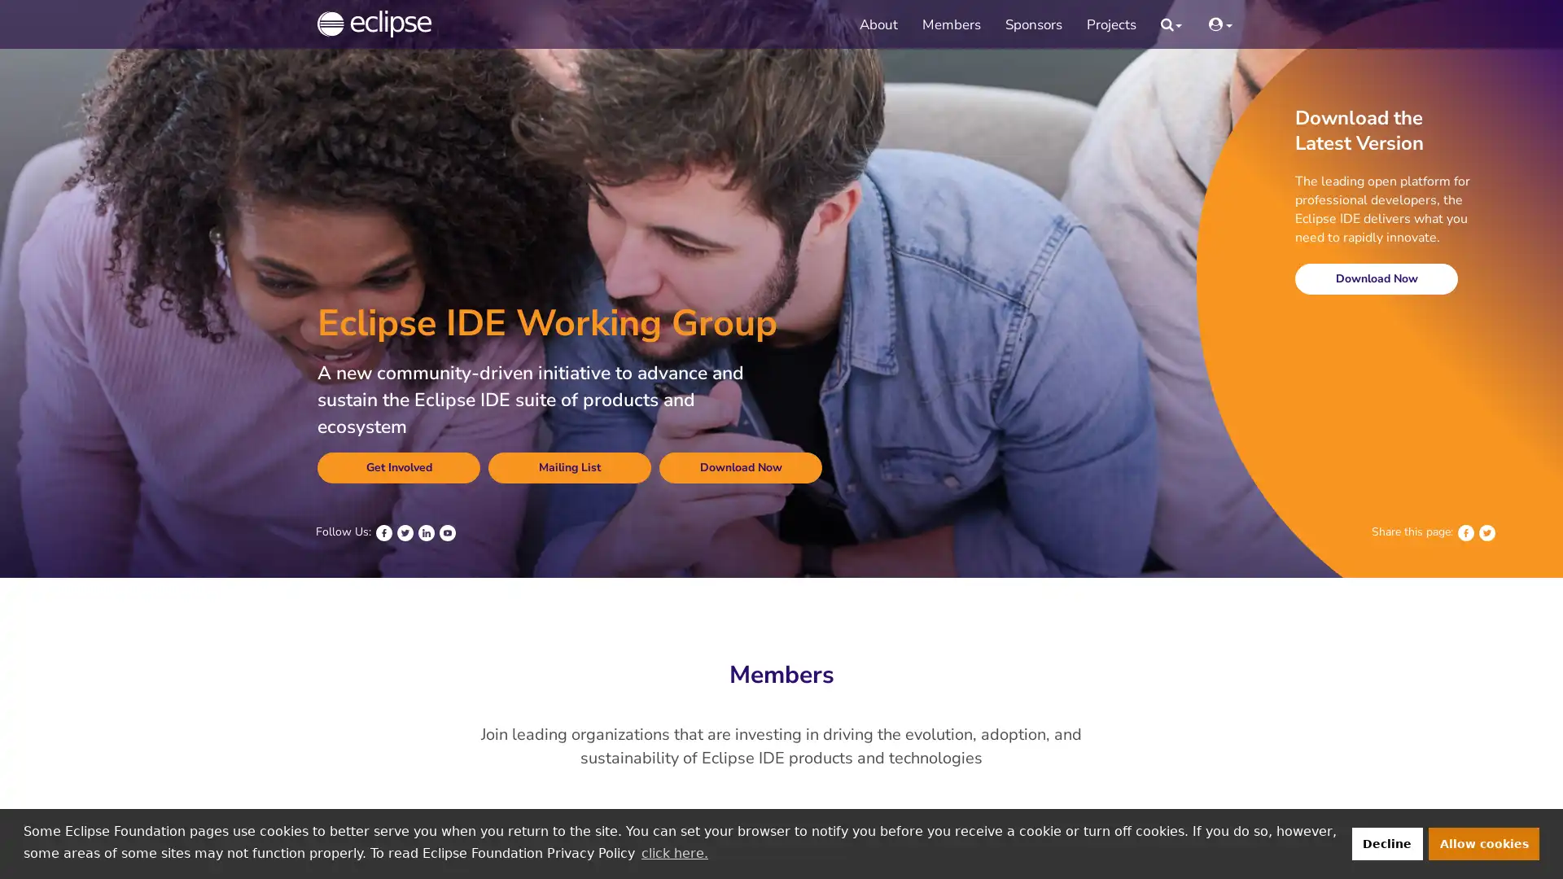  What do you see at coordinates (1484, 842) in the screenshot?
I see `allow cookies` at bounding box center [1484, 842].